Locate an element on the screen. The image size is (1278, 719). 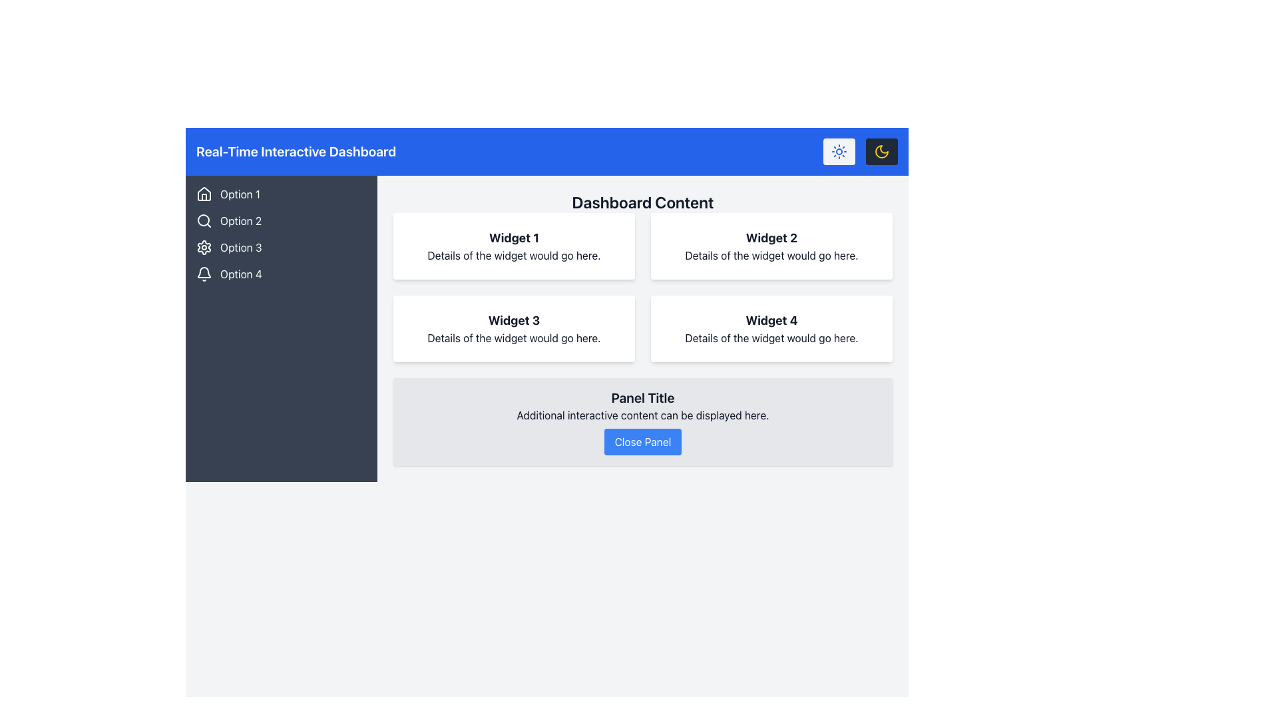
the house icon in the vertical navigation bar, positioned above the text 'Option 1' is located at coordinates (204, 193).